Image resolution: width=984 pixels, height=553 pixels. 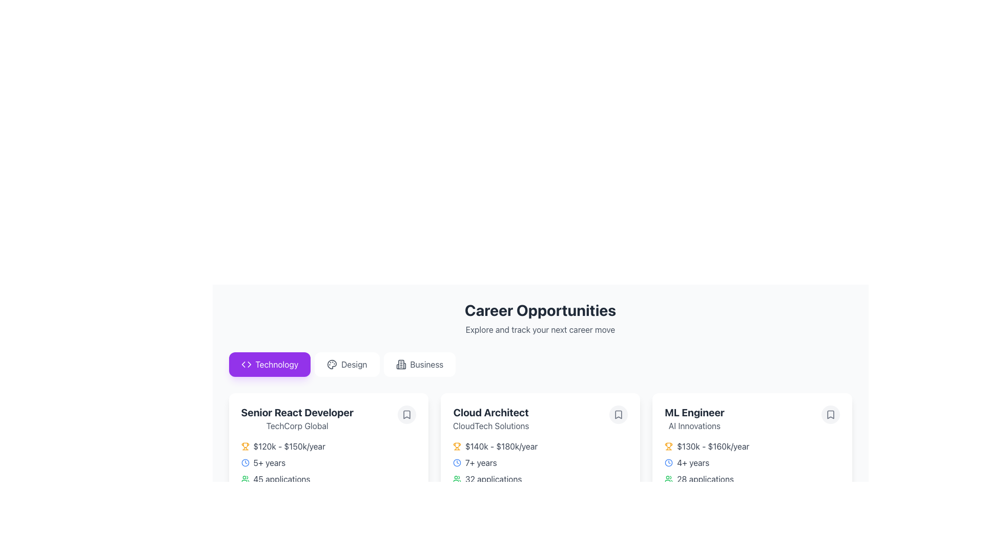 What do you see at coordinates (705, 479) in the screenshot?
I see `text label displaying '28 applications' located at the bottom part of the job listing card titled 'ML Engineer', positioned to the right of a green icon symbolizing users` at bounding box center [705, 479].